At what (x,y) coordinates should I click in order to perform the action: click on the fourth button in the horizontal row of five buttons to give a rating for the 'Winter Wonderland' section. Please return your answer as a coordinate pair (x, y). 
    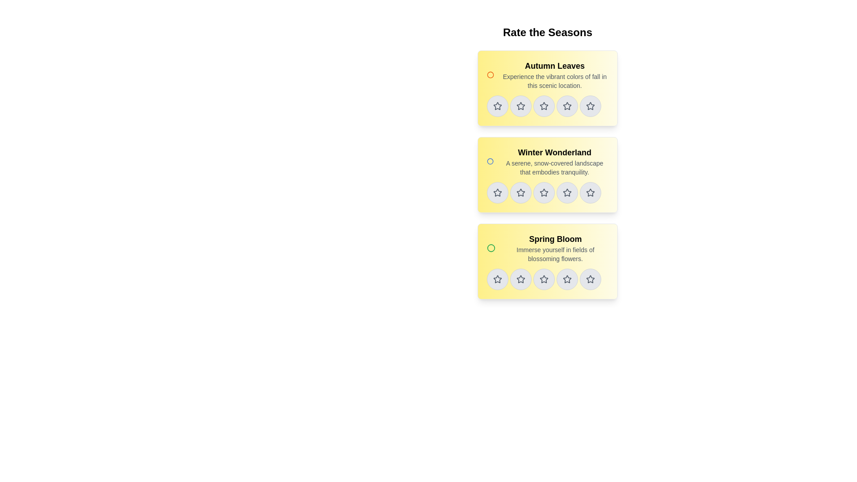
    Looking at the image, I should click on (567, 192).